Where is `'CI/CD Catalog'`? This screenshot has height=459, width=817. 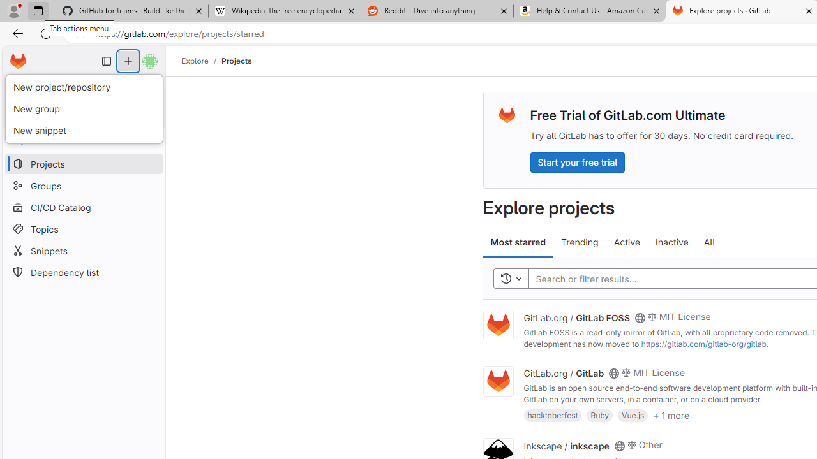 'CI/CD Catalog' is located at coordinates (83, 207).